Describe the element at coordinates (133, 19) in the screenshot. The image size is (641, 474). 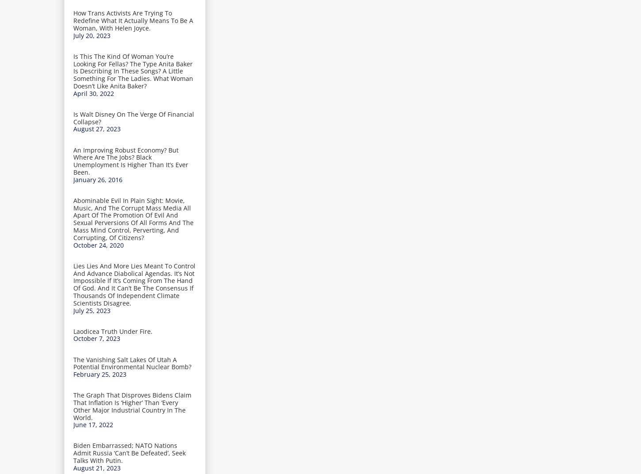
I see `'How Trans Activists Are Trying To Redefine What It Actually Means To Be A Woman, With Helen Joyce.'` at that location.